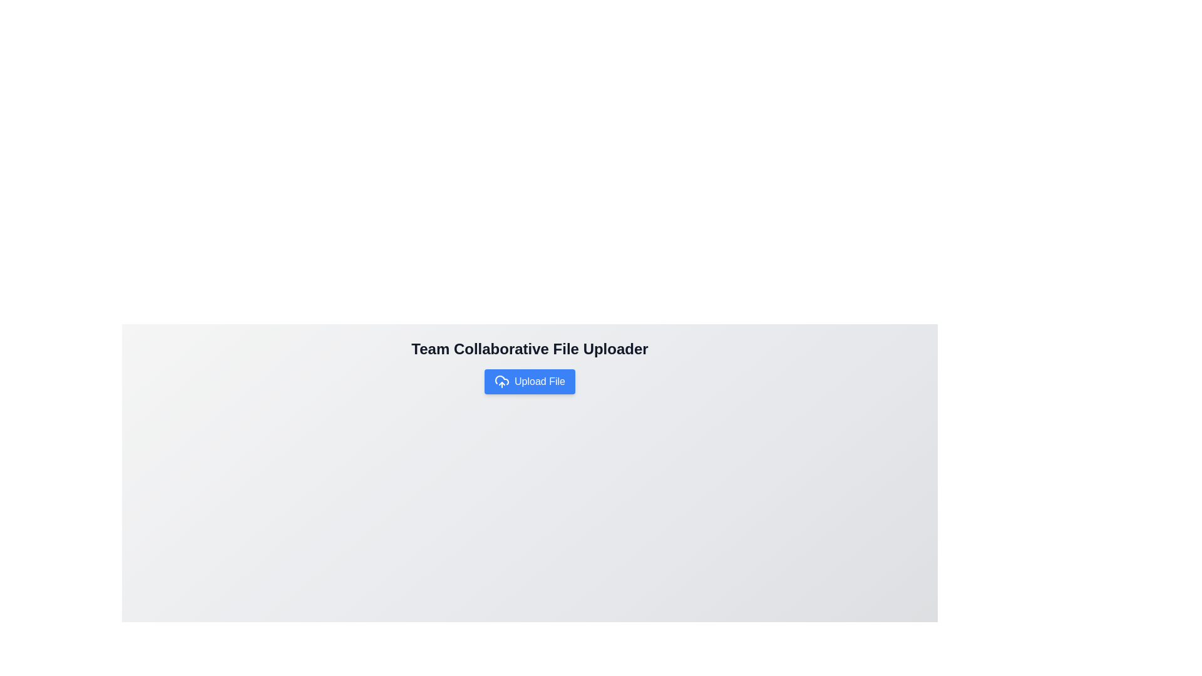 The height and width of the screenshot is (676, 1202). I want to click on the upload icon, which is part of the cloud-shaped icon with an upward arrow, located at the center of the 'Upload File' button, so click(501, 379).